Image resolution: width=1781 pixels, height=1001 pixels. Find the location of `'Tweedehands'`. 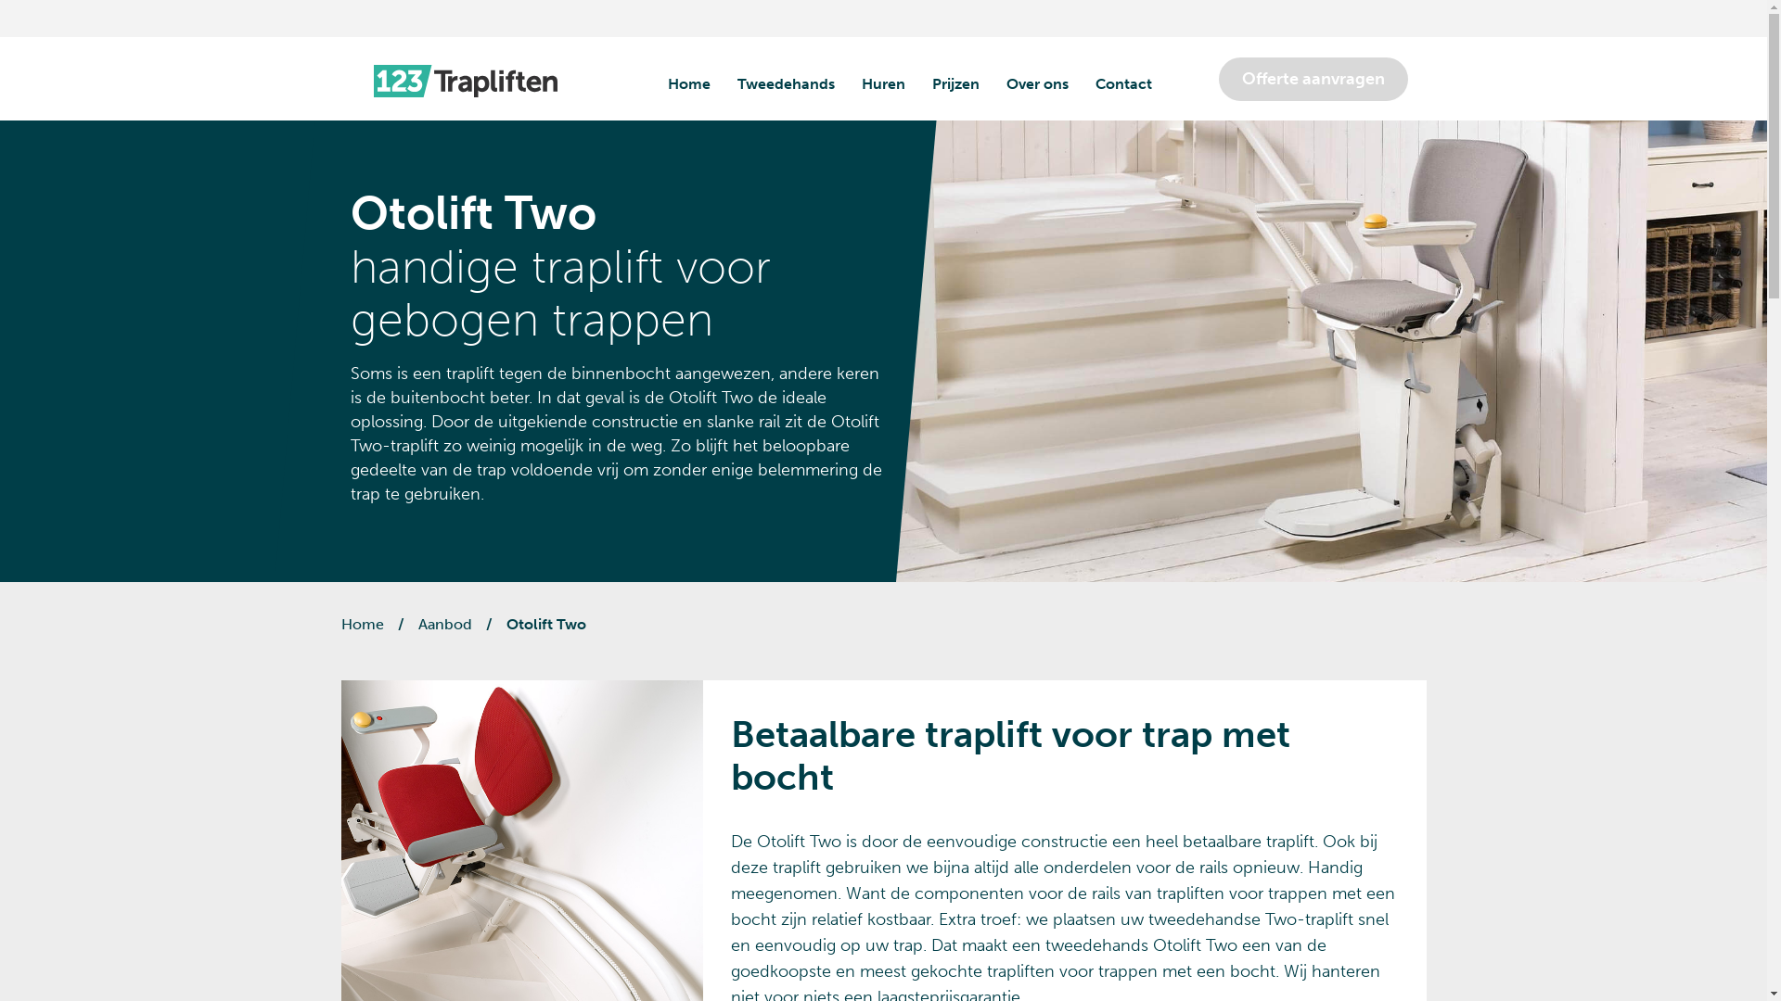

'Tweedehands' is located at coordinates (785, 84).